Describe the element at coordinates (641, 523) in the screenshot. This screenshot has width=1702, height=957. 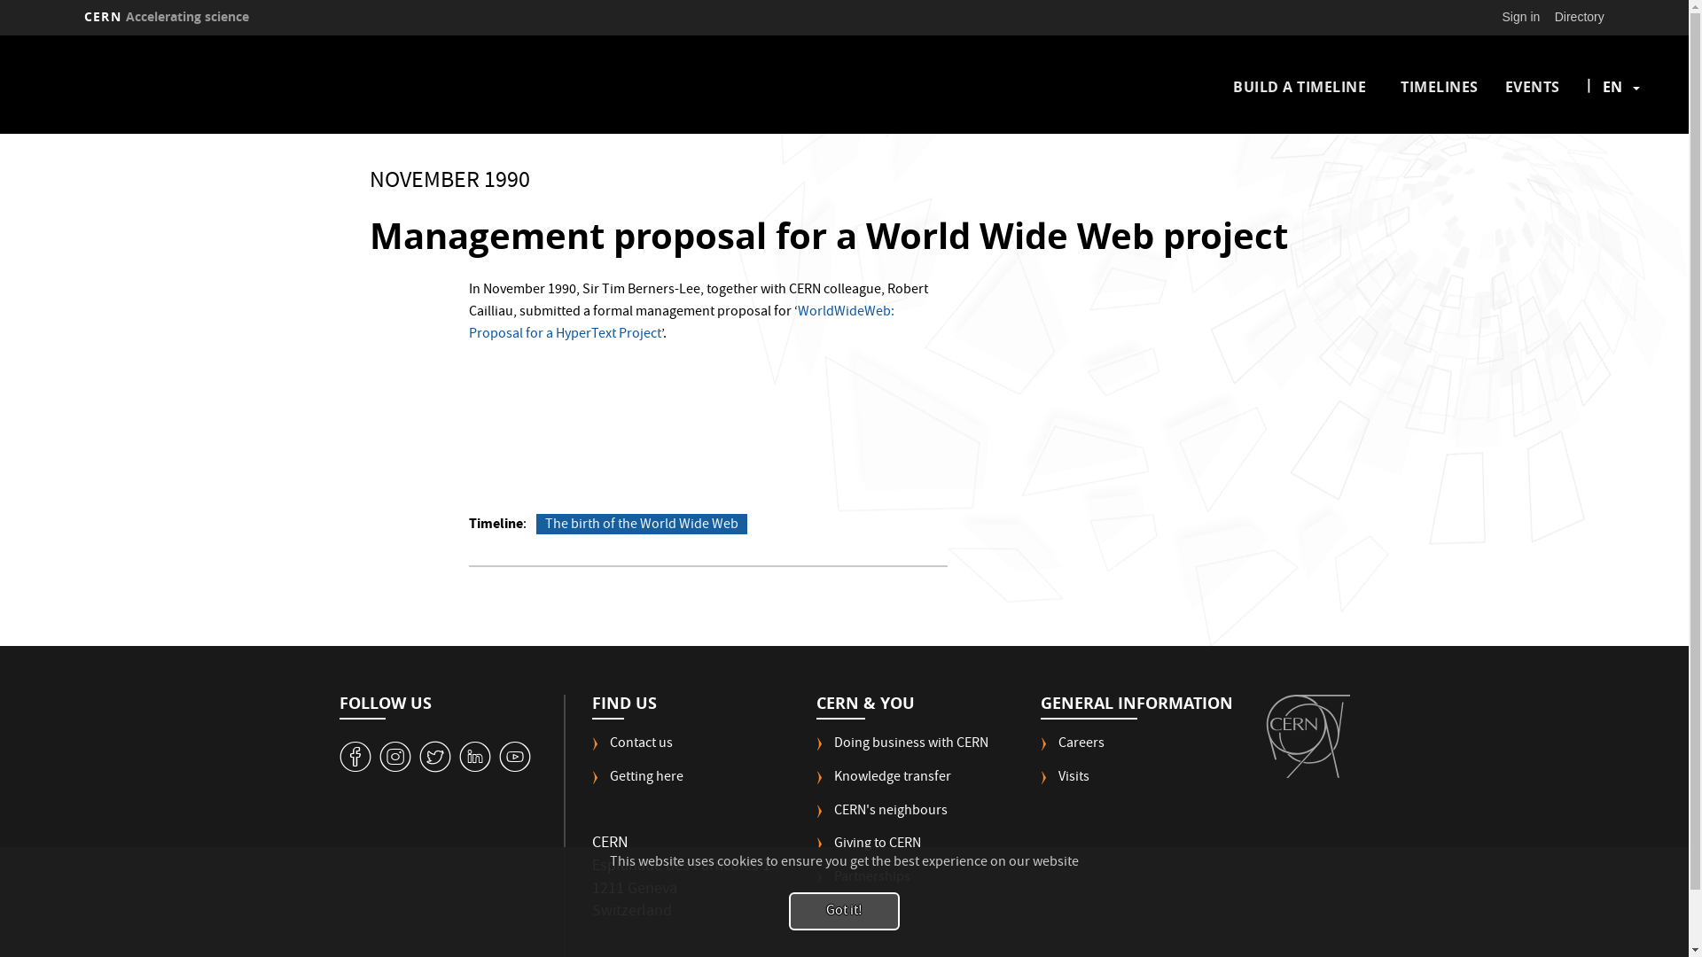
I see `'The birth of the World Wide Web'` at that location.